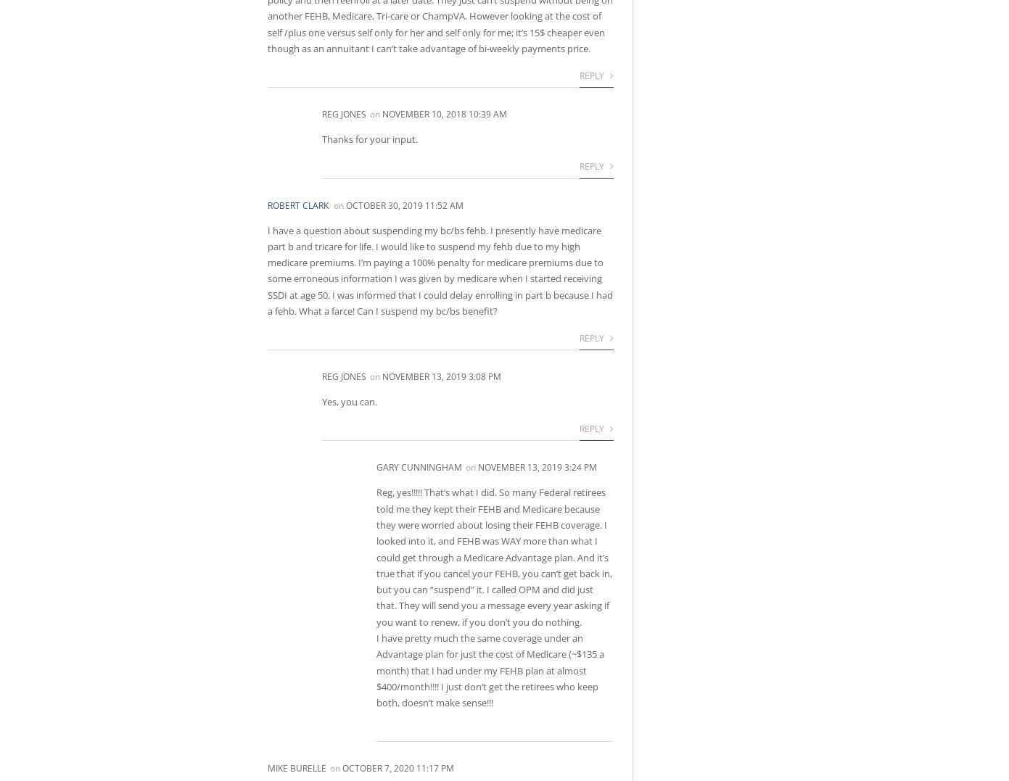 This screenshot has width=1009, height=781. I want to click on 'October 30, 2019 11:52 am', so click(345, 204).